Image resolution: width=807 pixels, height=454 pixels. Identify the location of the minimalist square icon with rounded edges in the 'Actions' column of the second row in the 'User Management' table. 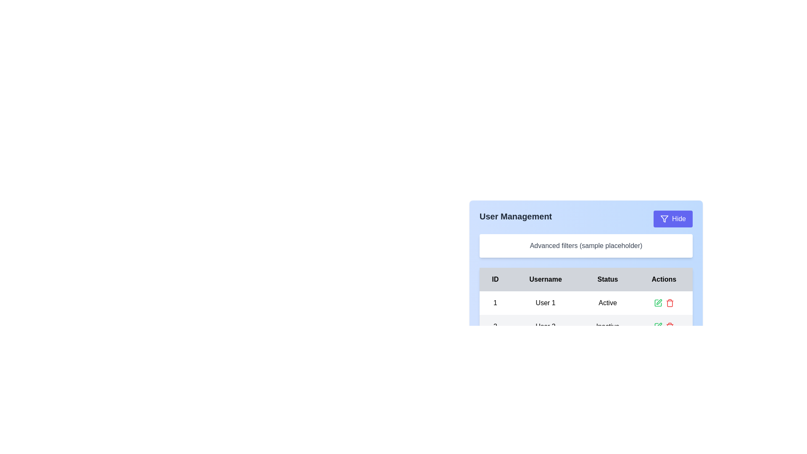
(657, 326).